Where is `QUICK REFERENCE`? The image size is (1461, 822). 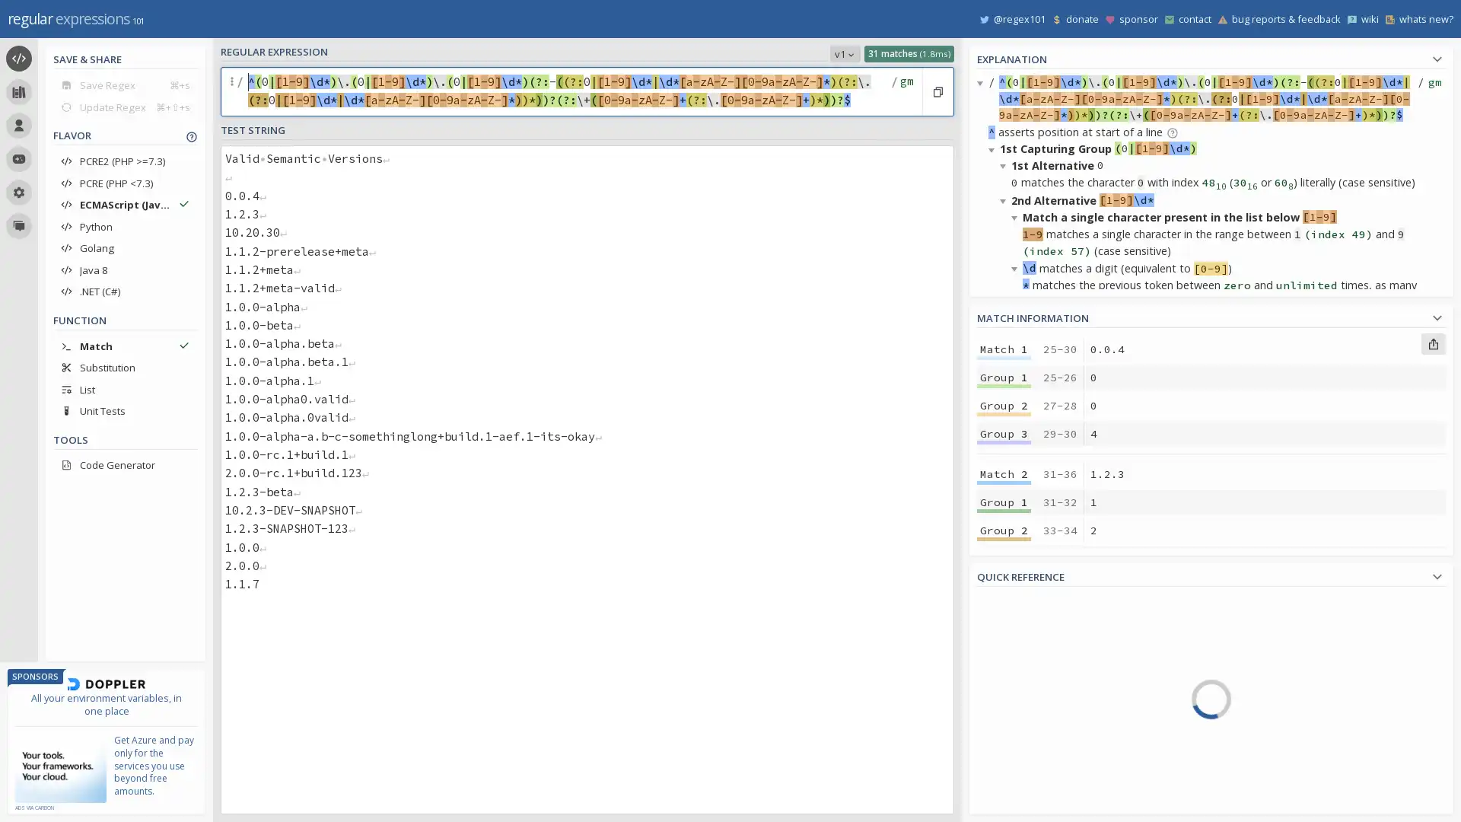 QUICK REFERENCE is located at coordinates (1211, 575).